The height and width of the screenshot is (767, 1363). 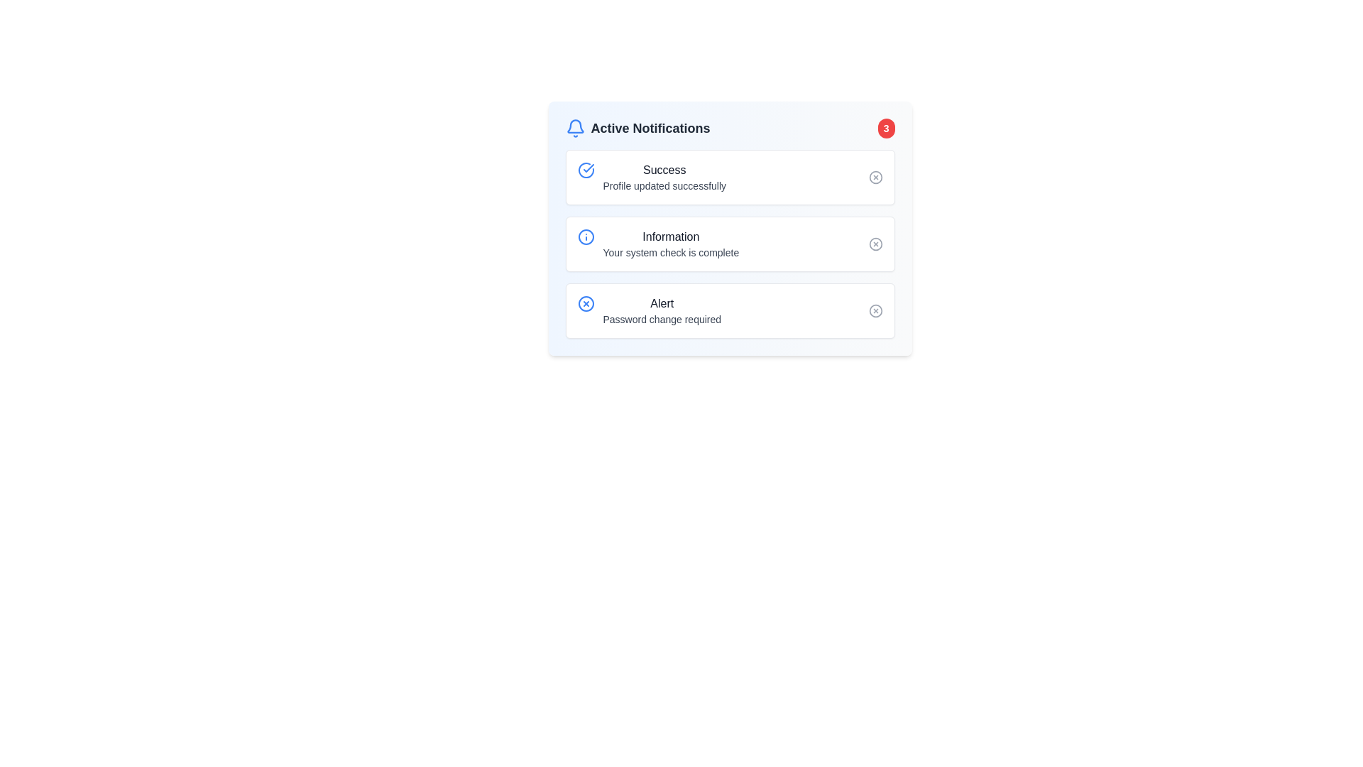 What do you see at coordinates (730, 310) in the screenshot?
I see `details of the Notification card displaying 'Alert' with subtext 'Password change required', located as the third notification in the vertical list` at bounding box center [730, 310].